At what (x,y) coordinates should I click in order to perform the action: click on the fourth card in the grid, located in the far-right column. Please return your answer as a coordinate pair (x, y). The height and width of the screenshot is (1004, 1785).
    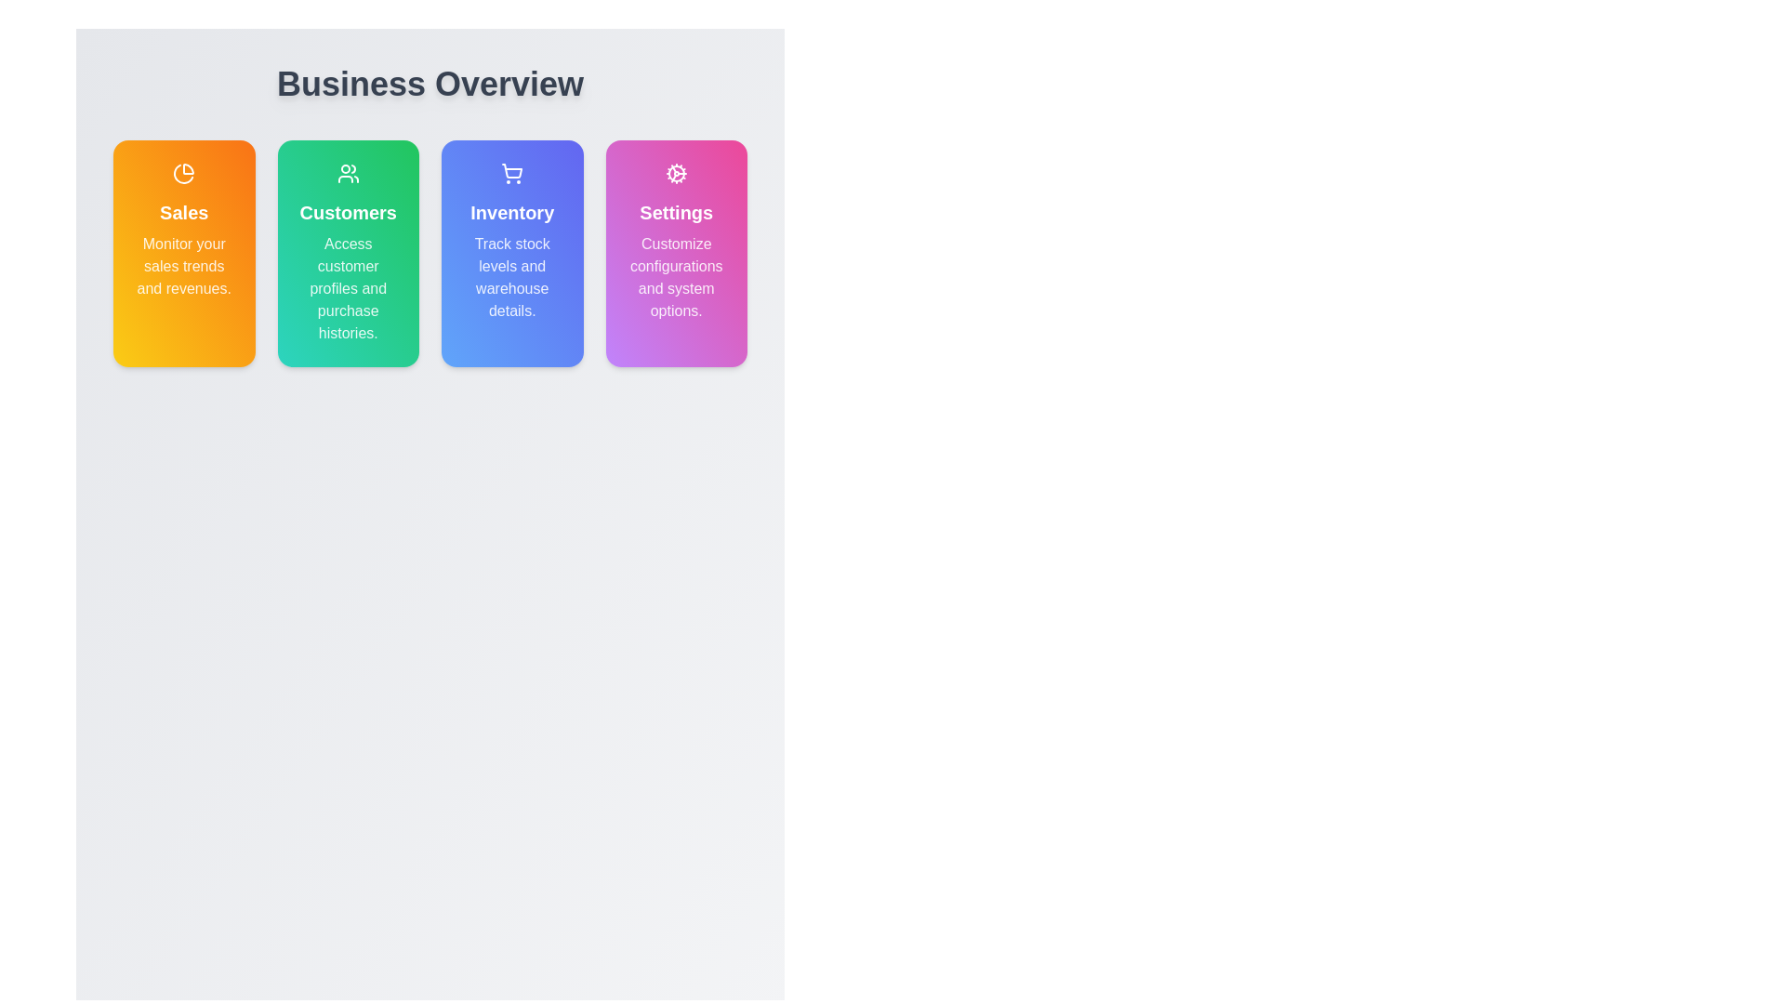
    Looking at the image, I should click on (675, 254).